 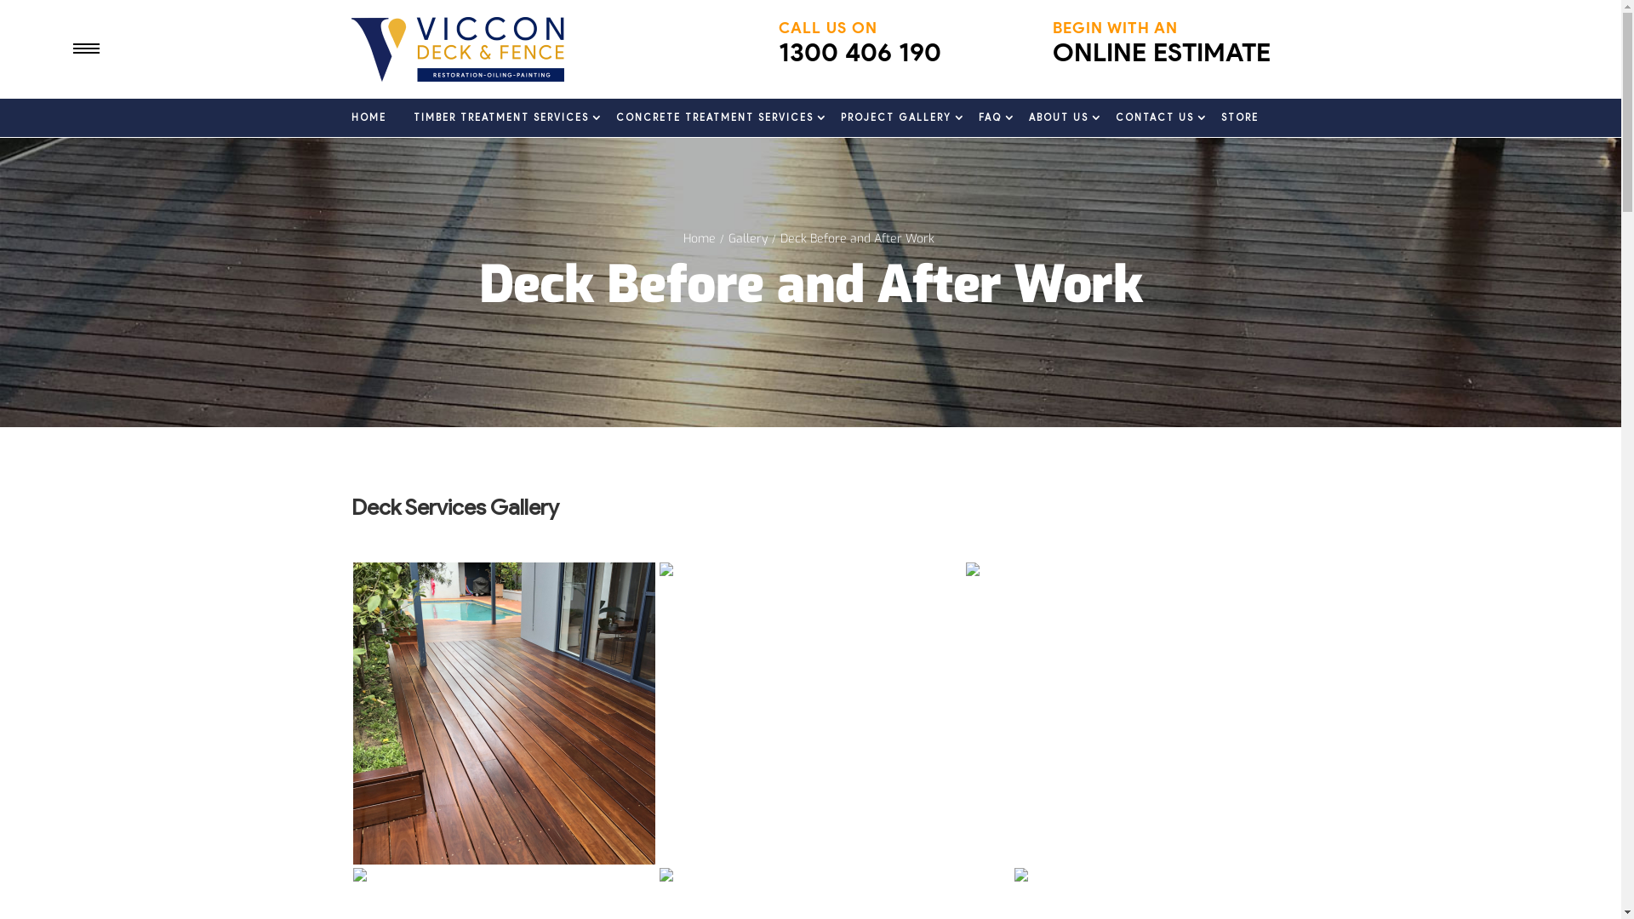 What do you see at coordinates (894, 117) in the screenshot?
I see `'PROJECT GALLERY'` at bounding box center [894, 117].